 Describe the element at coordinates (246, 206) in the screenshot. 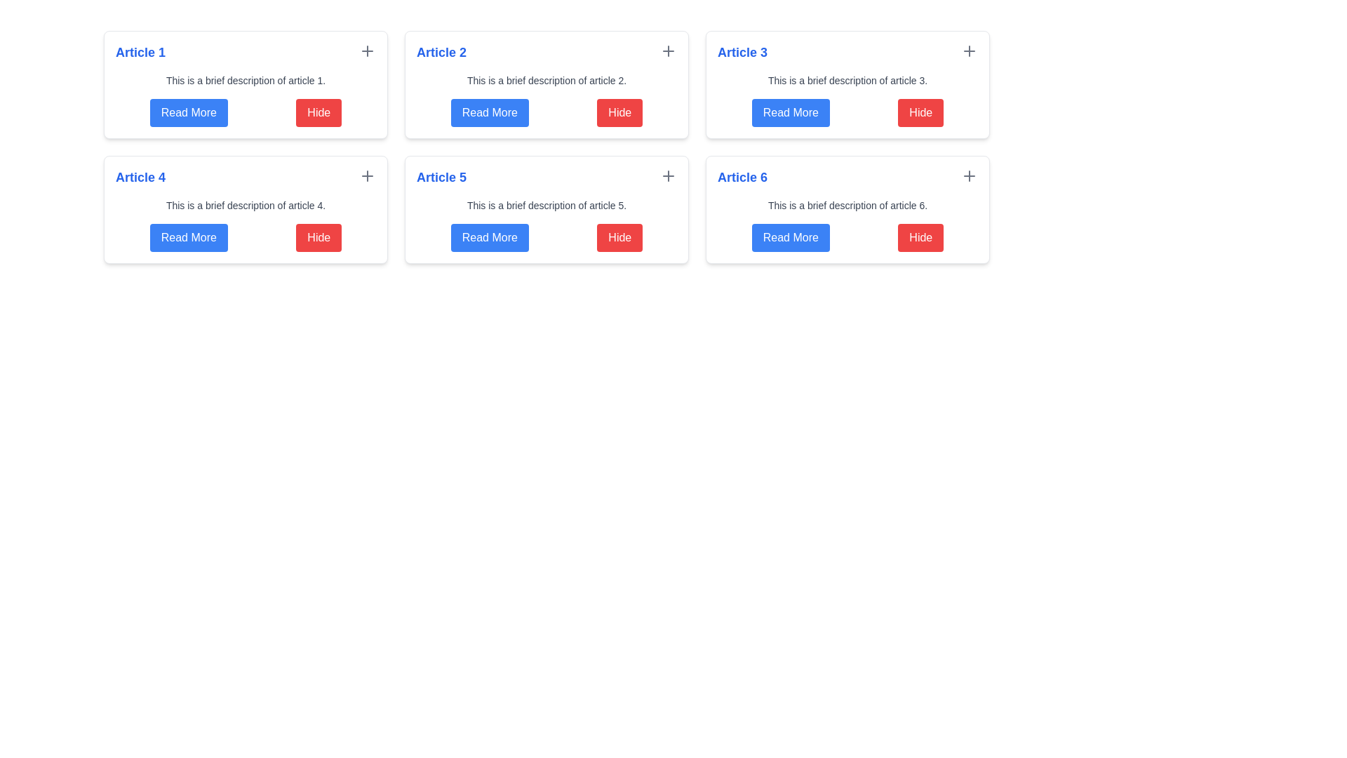

I see `the Text block that provides a brief textual description for the article titled 'Article 4', which is located below the article title and above the buttons 'Read More' and 'Hide'` at that location.